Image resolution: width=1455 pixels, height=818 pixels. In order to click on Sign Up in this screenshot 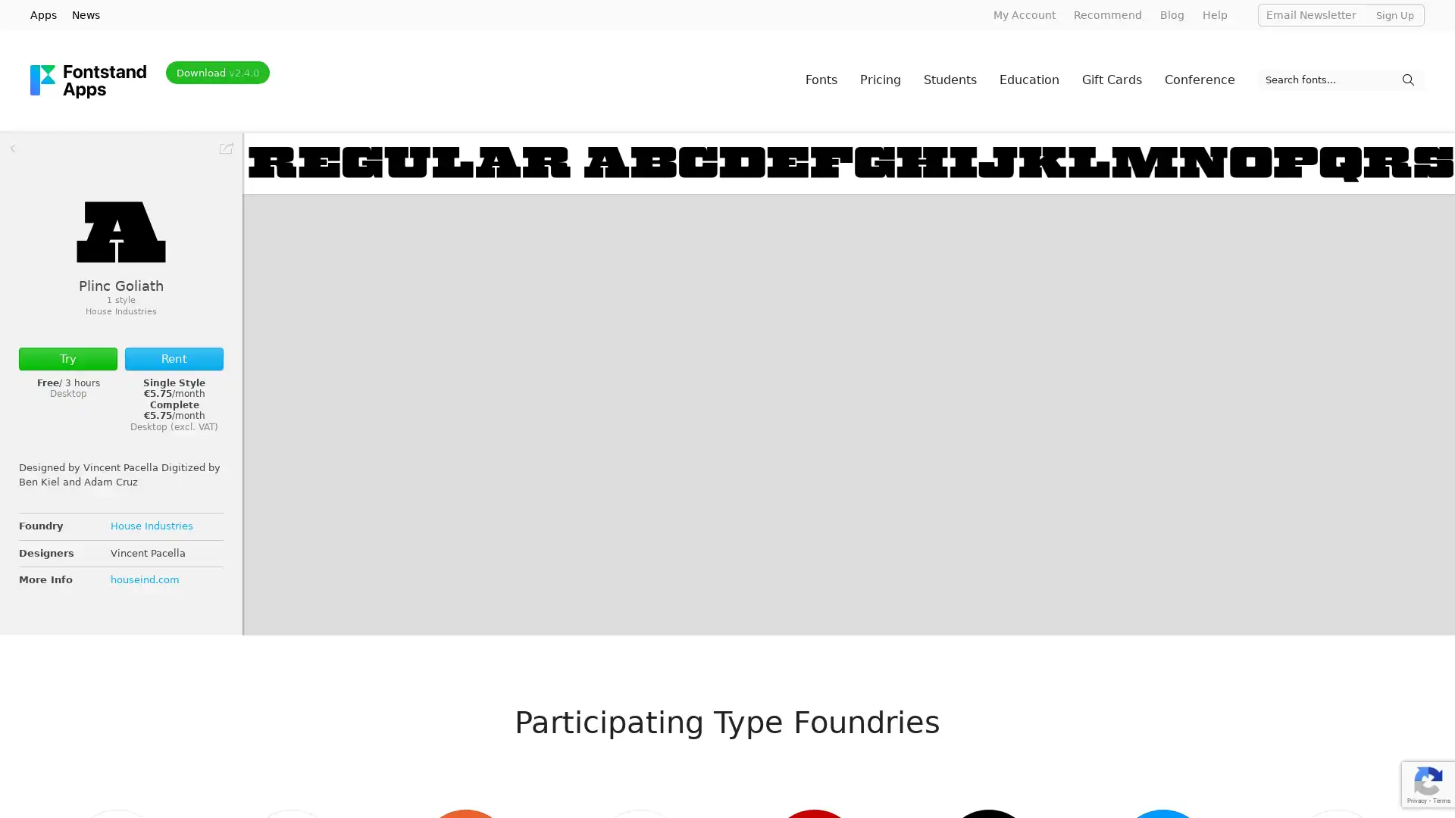, I will do `click(1394, 14)`.